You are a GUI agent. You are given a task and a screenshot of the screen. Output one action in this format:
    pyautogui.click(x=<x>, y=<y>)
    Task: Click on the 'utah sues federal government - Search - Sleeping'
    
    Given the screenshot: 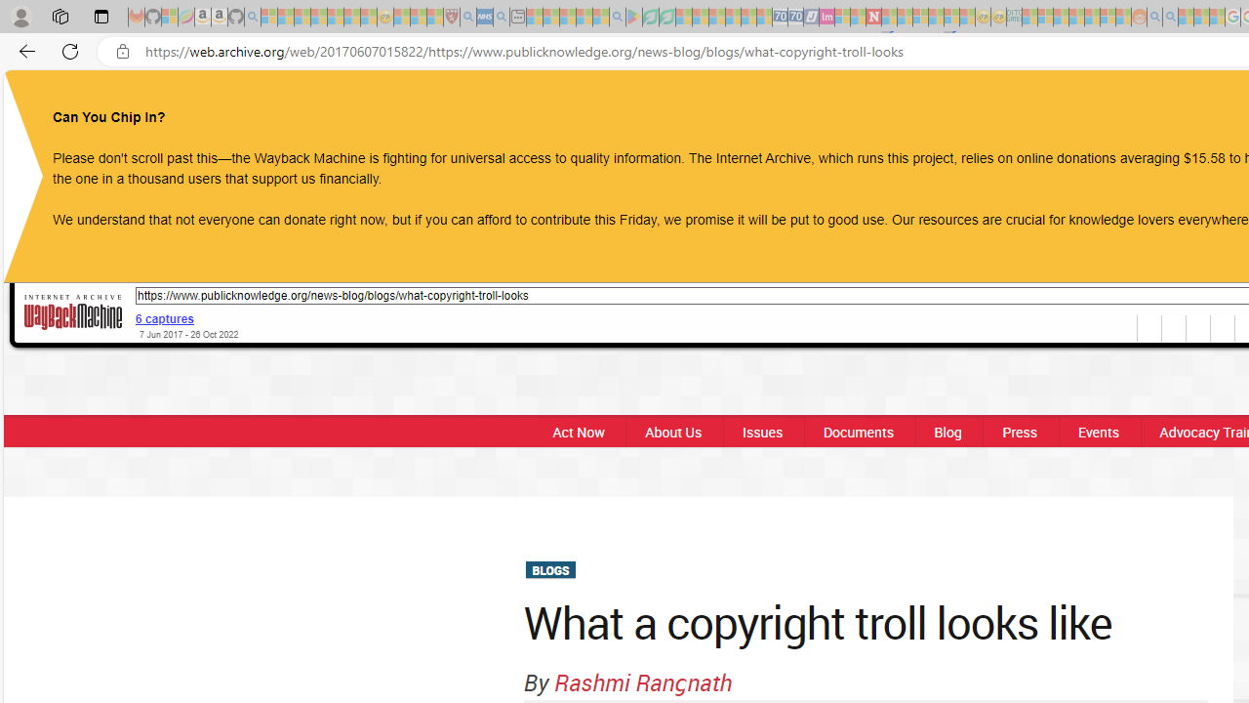 What is the action you would take?
    pyautogui.click(x=501, y=17)
    